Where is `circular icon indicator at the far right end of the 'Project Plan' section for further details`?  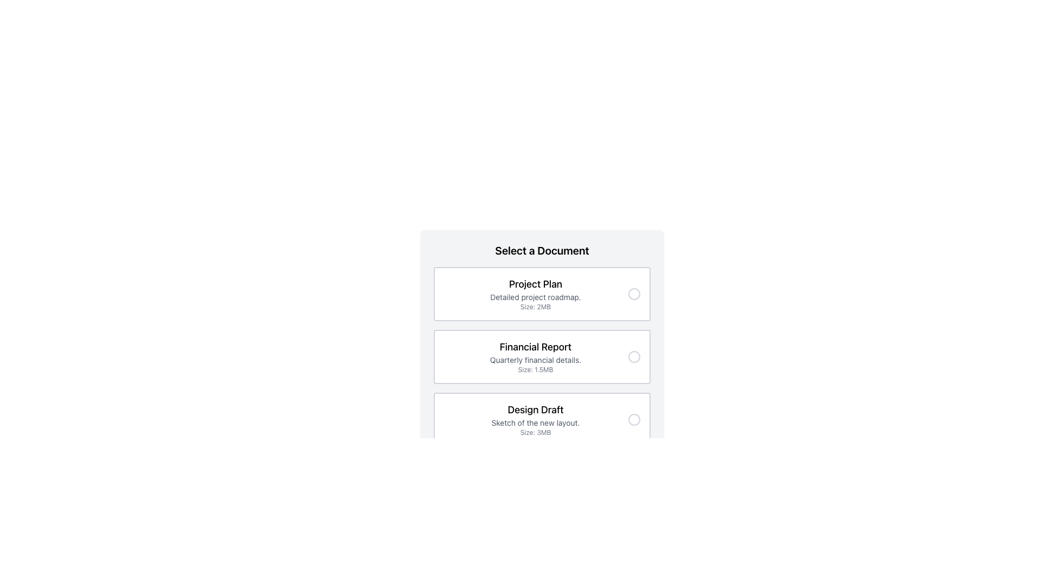 circular icon indicator at the far right end of the 'Project Plan' section for further details is located at coordinates (634, 294).